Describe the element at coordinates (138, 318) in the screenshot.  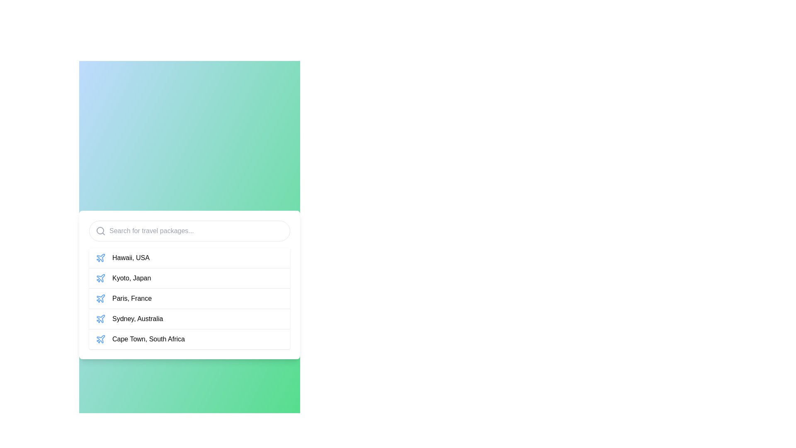
I see `the text label 'Sydney, Australia'` at that location.